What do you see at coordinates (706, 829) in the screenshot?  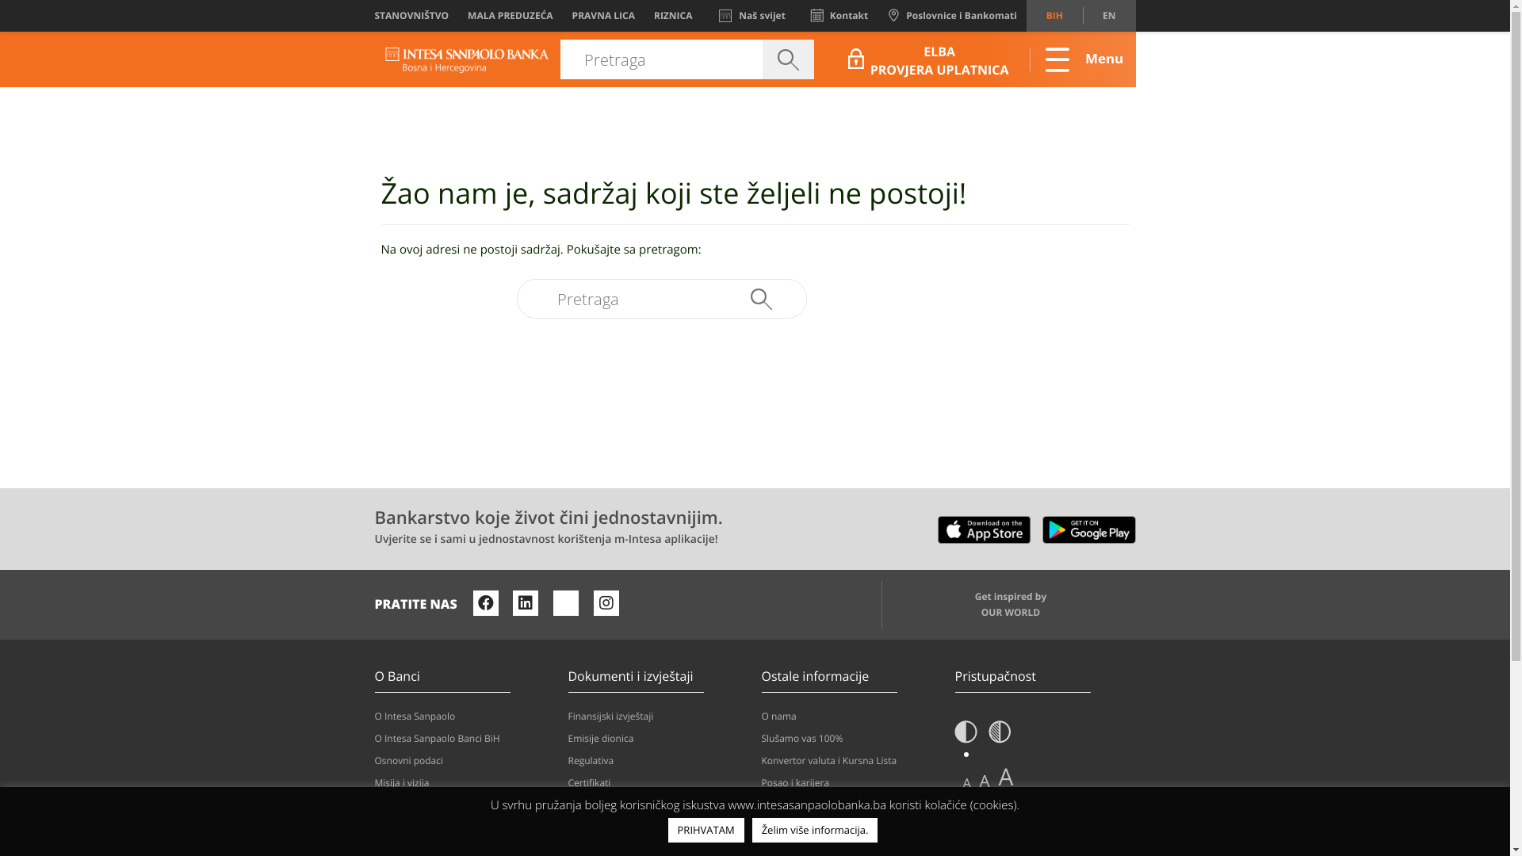 I see `'PRIHVATAM'` at bounding box center [706, 829].